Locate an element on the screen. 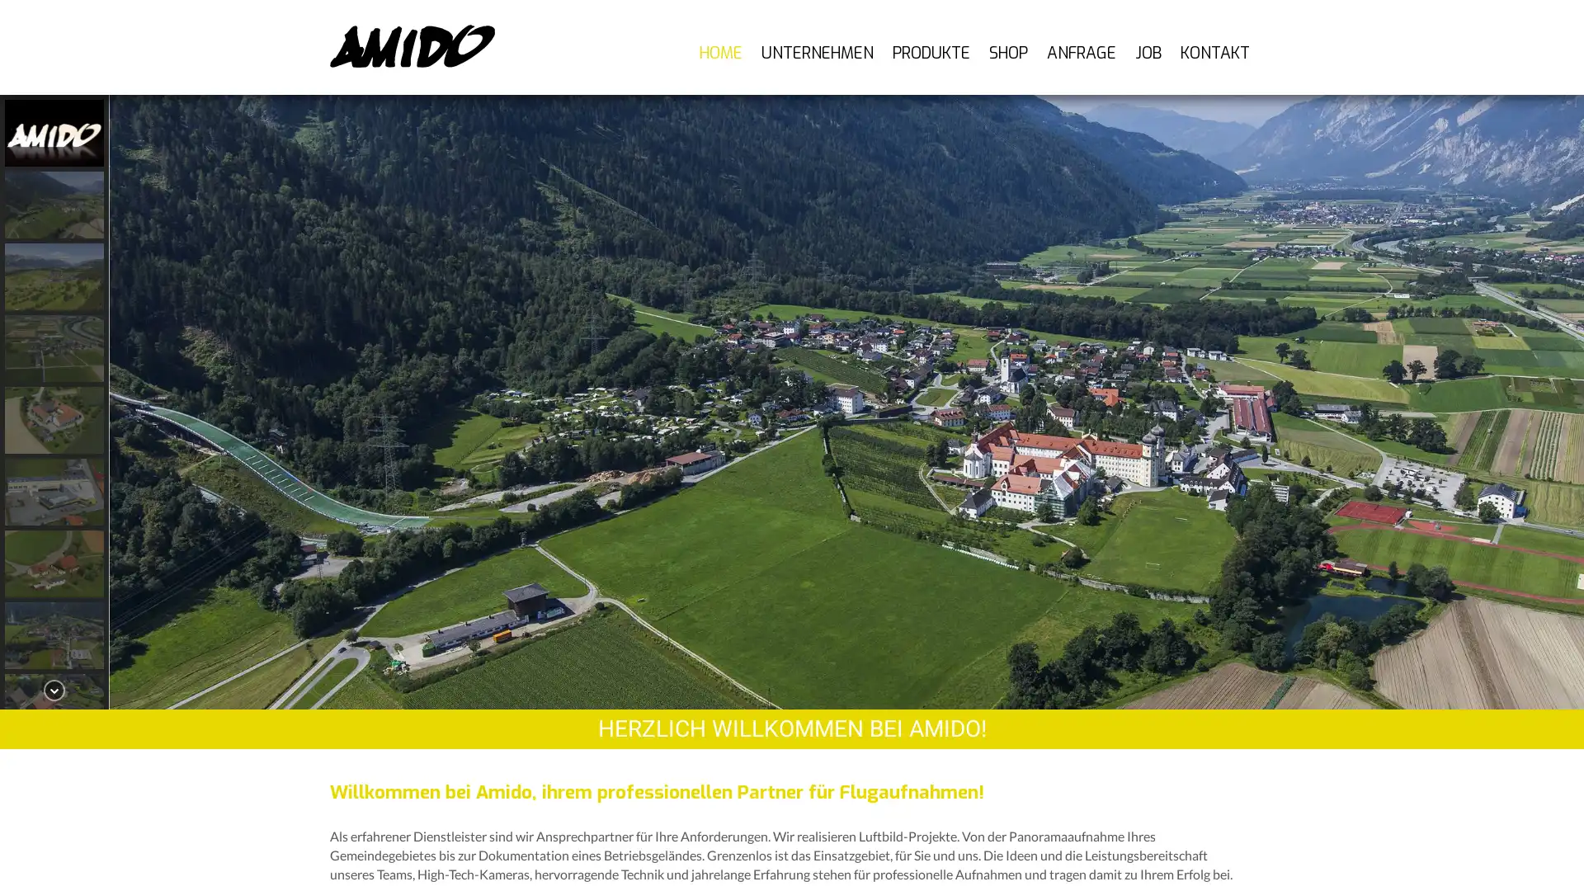 The image size is (1584, 891). previous arrow is located at coordinates (134, 401).